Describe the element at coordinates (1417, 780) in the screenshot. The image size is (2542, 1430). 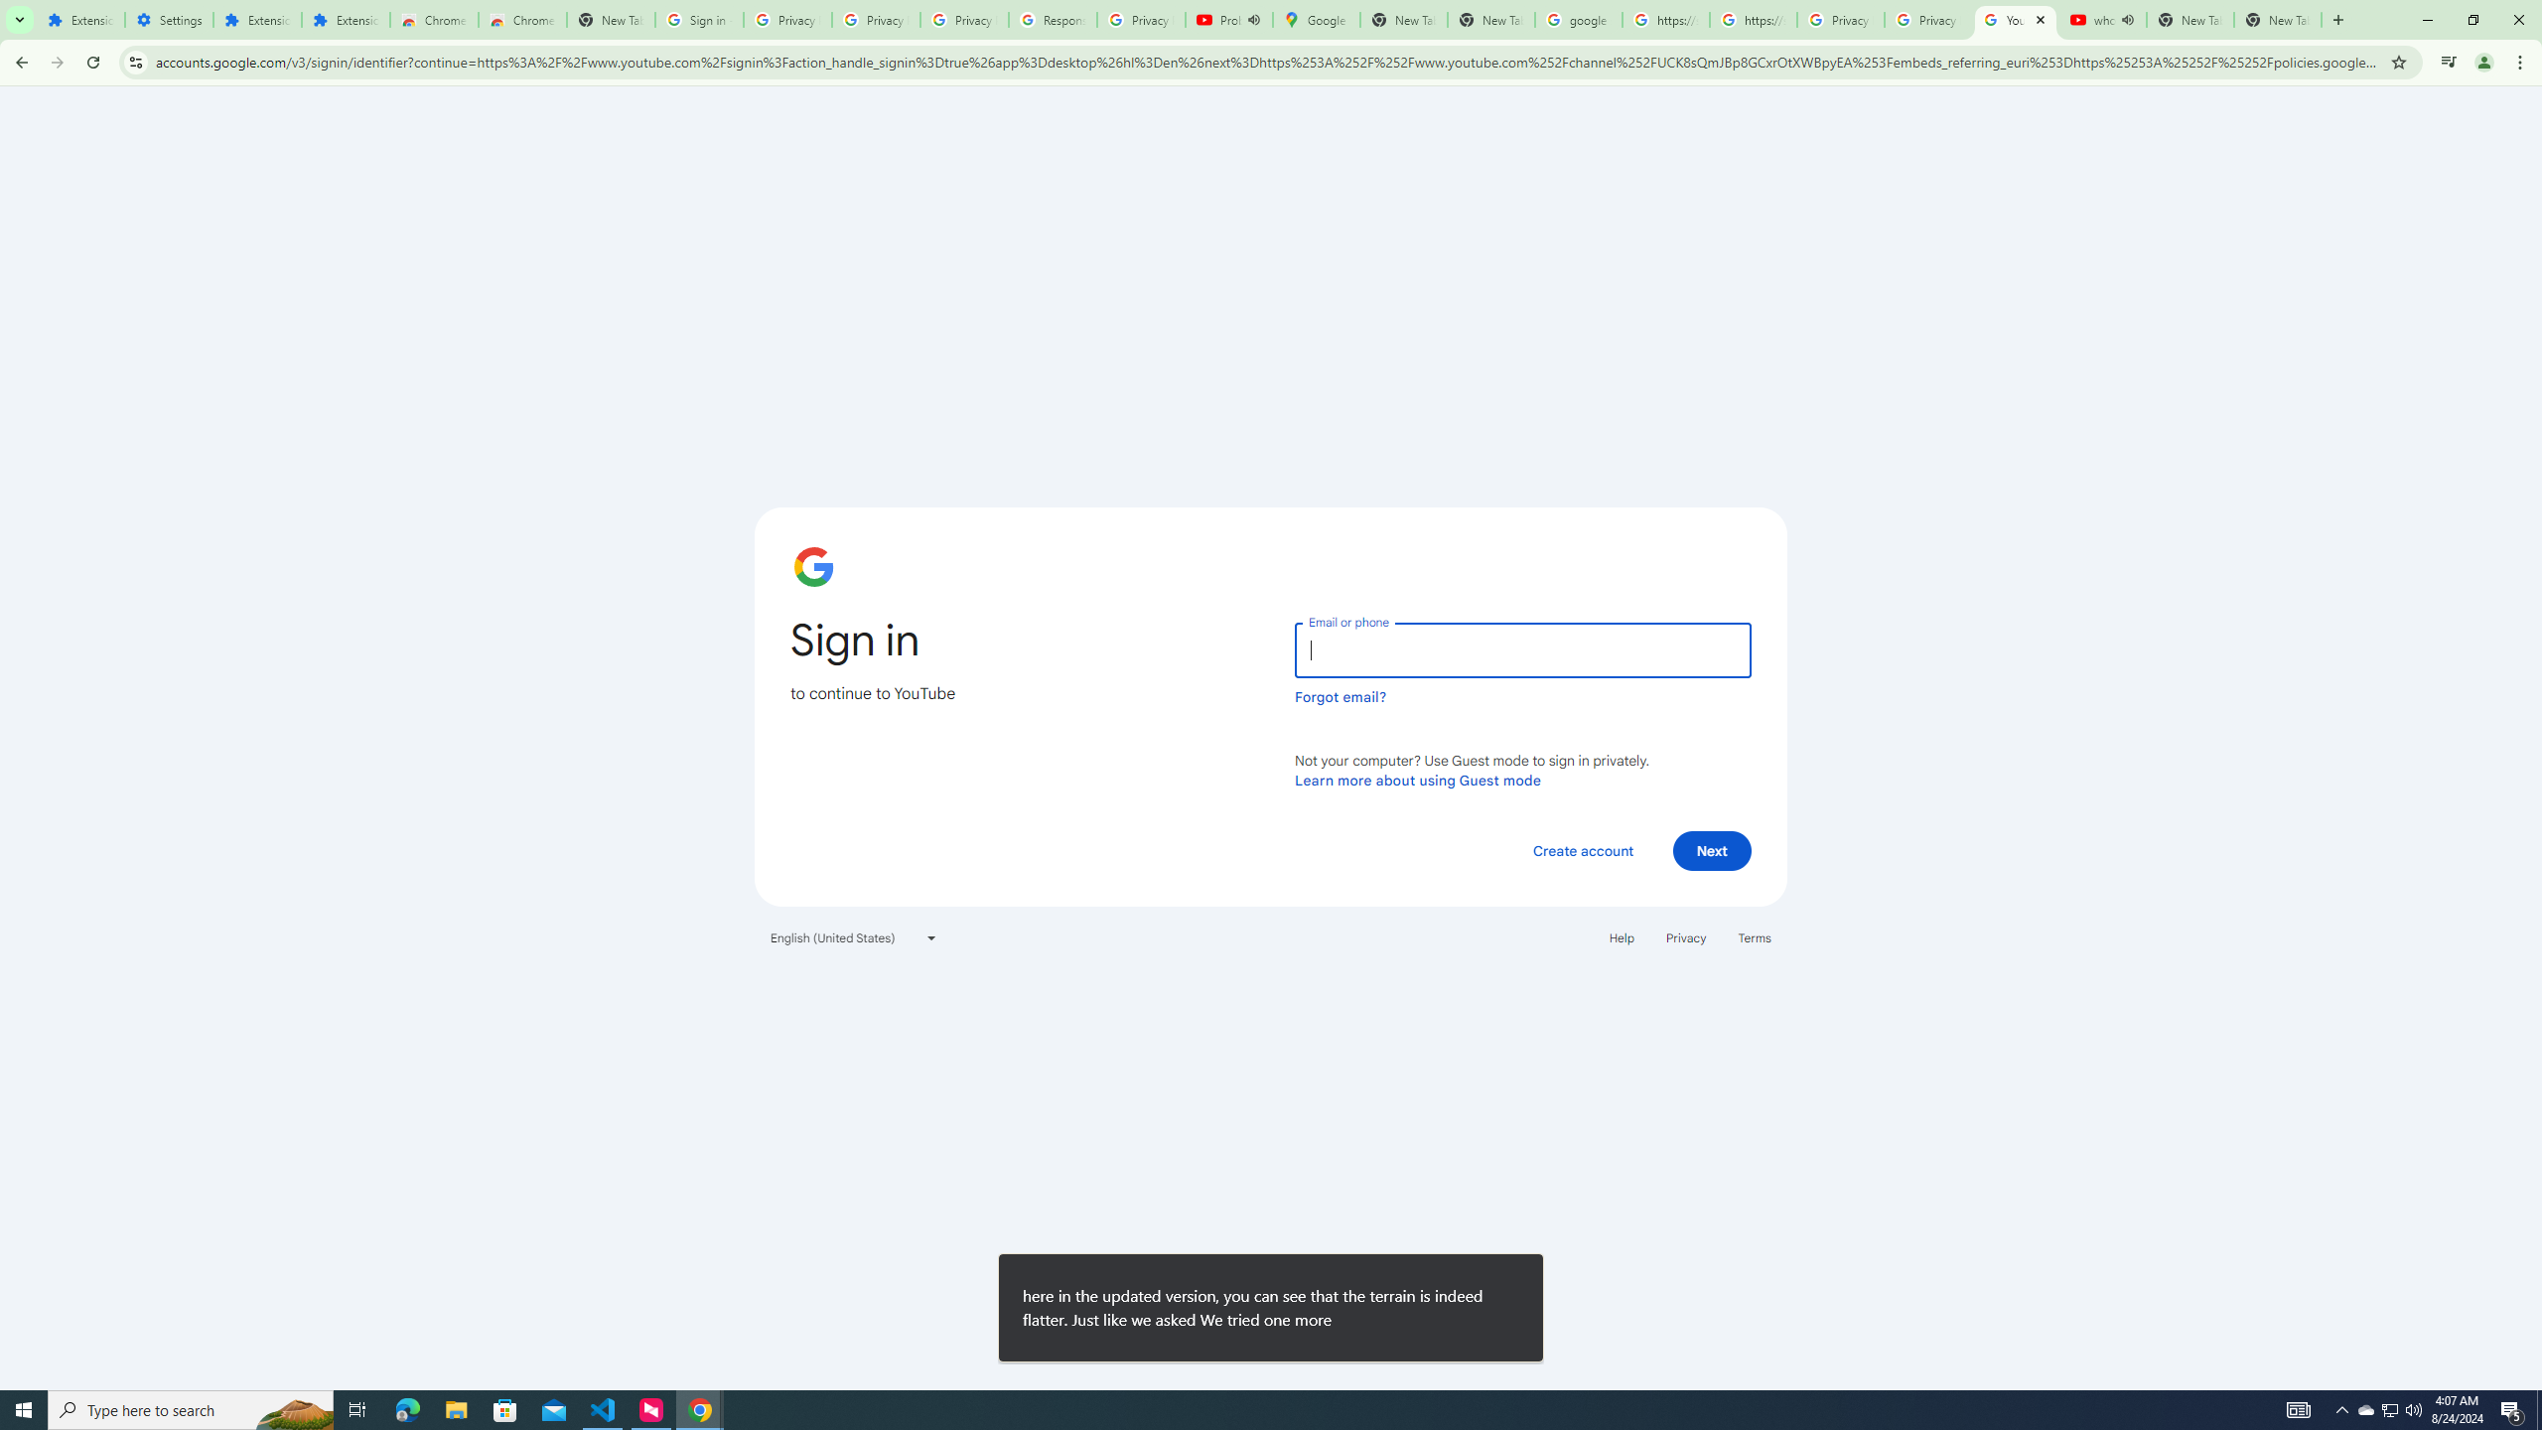
I see `'Learn more about using Guest mode'` at that location.